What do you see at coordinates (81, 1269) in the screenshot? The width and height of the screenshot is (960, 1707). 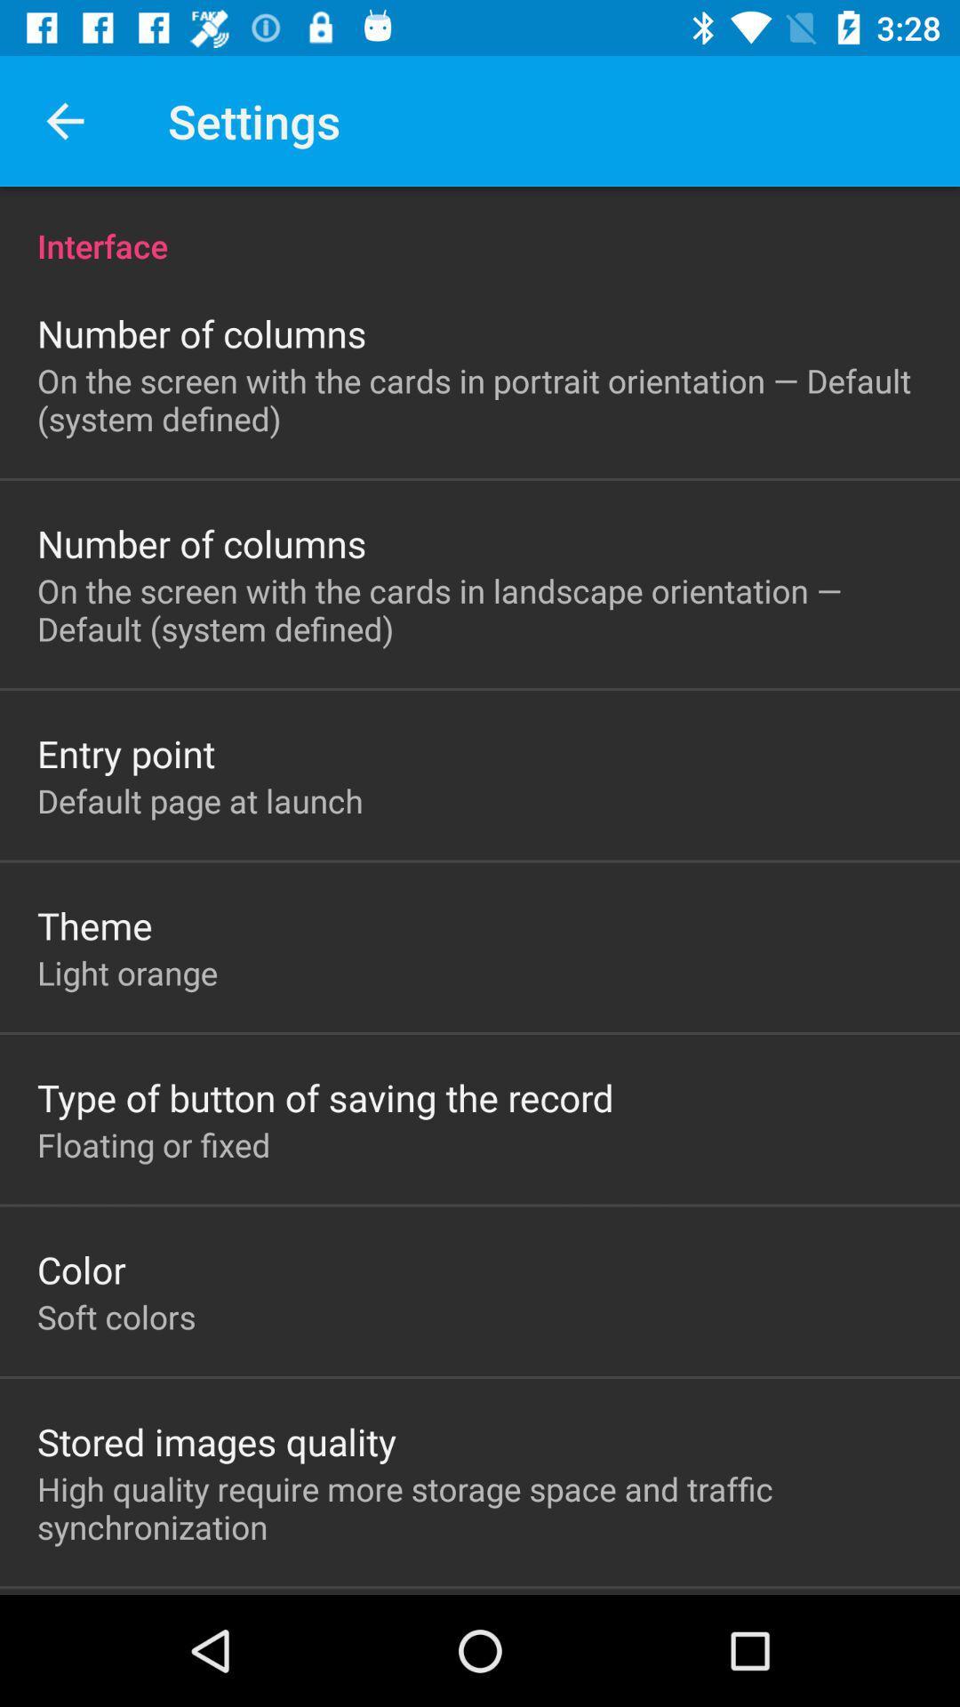 I see `the color item` at bounding box center [81, 1269].